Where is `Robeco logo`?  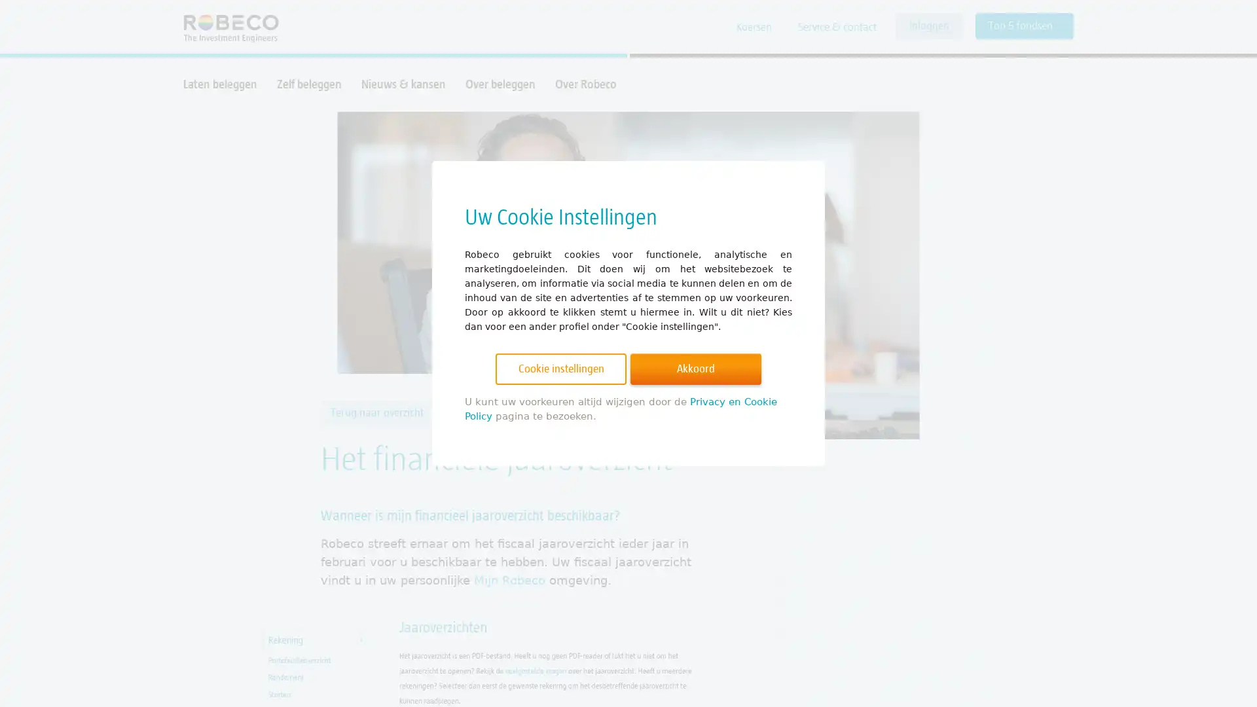
Robeco logo is located at coordinates (225, 27).